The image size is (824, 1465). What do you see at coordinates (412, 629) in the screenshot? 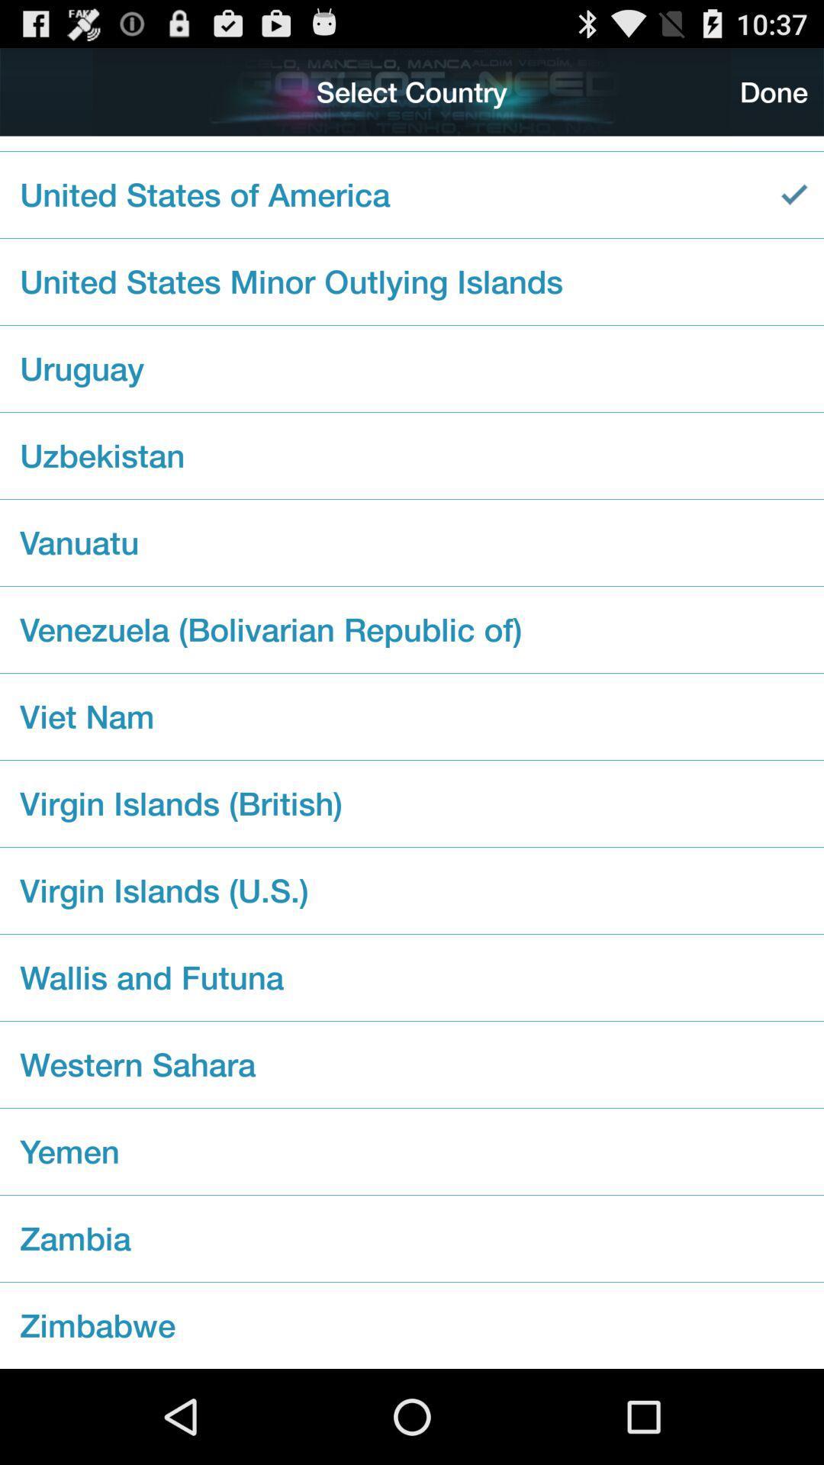
I see `venezuela bolivarian republic item` at bounding box center [412, 629].